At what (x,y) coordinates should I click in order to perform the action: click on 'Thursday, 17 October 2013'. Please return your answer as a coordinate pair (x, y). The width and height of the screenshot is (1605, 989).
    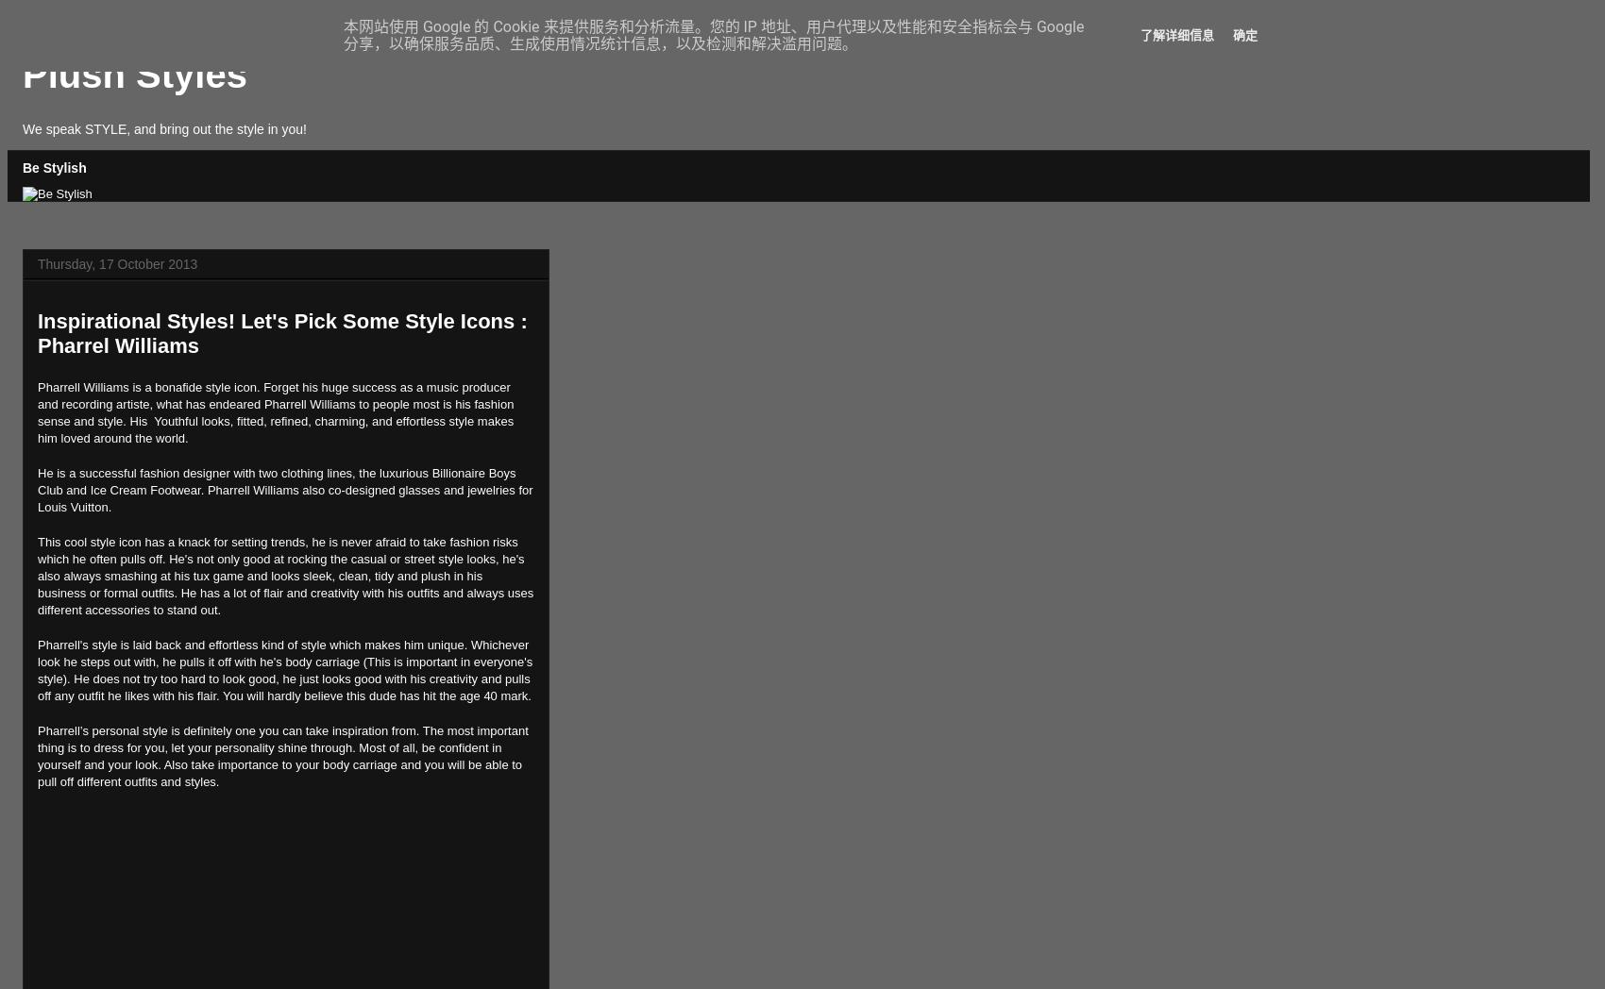
    Looking at the image, I should click on (116, 261).